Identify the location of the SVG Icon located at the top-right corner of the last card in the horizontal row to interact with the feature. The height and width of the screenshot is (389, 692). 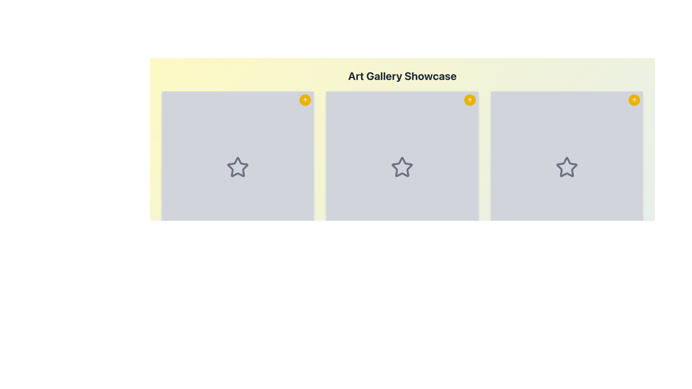
(634, 100).